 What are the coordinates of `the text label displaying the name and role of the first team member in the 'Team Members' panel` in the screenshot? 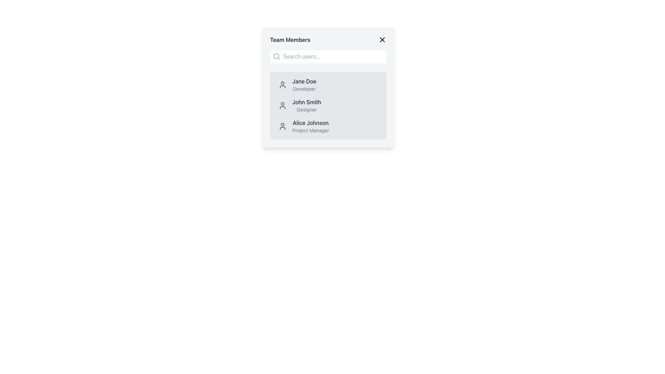 It's located at (304, 84).